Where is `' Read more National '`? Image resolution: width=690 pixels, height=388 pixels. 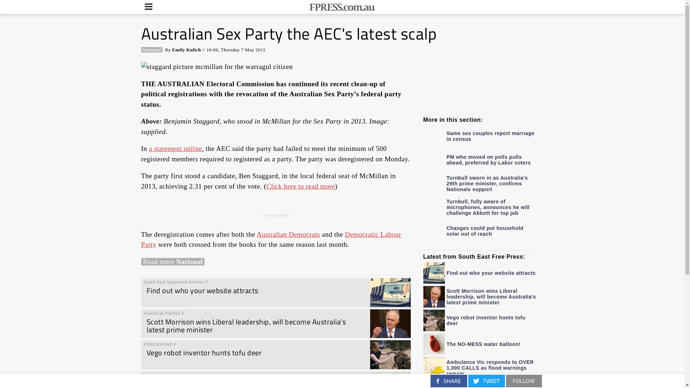
' Read more National ' is located at coordinates (172, 262).